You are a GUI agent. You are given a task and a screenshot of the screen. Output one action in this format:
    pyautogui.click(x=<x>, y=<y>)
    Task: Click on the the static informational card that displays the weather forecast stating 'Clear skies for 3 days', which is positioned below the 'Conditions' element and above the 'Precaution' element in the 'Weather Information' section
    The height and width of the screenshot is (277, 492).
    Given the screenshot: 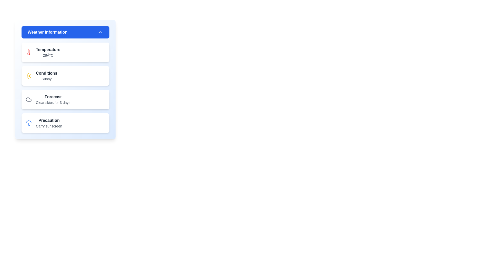 What is the action you would take?
    pyautogui.click(x=65, y=100)
    